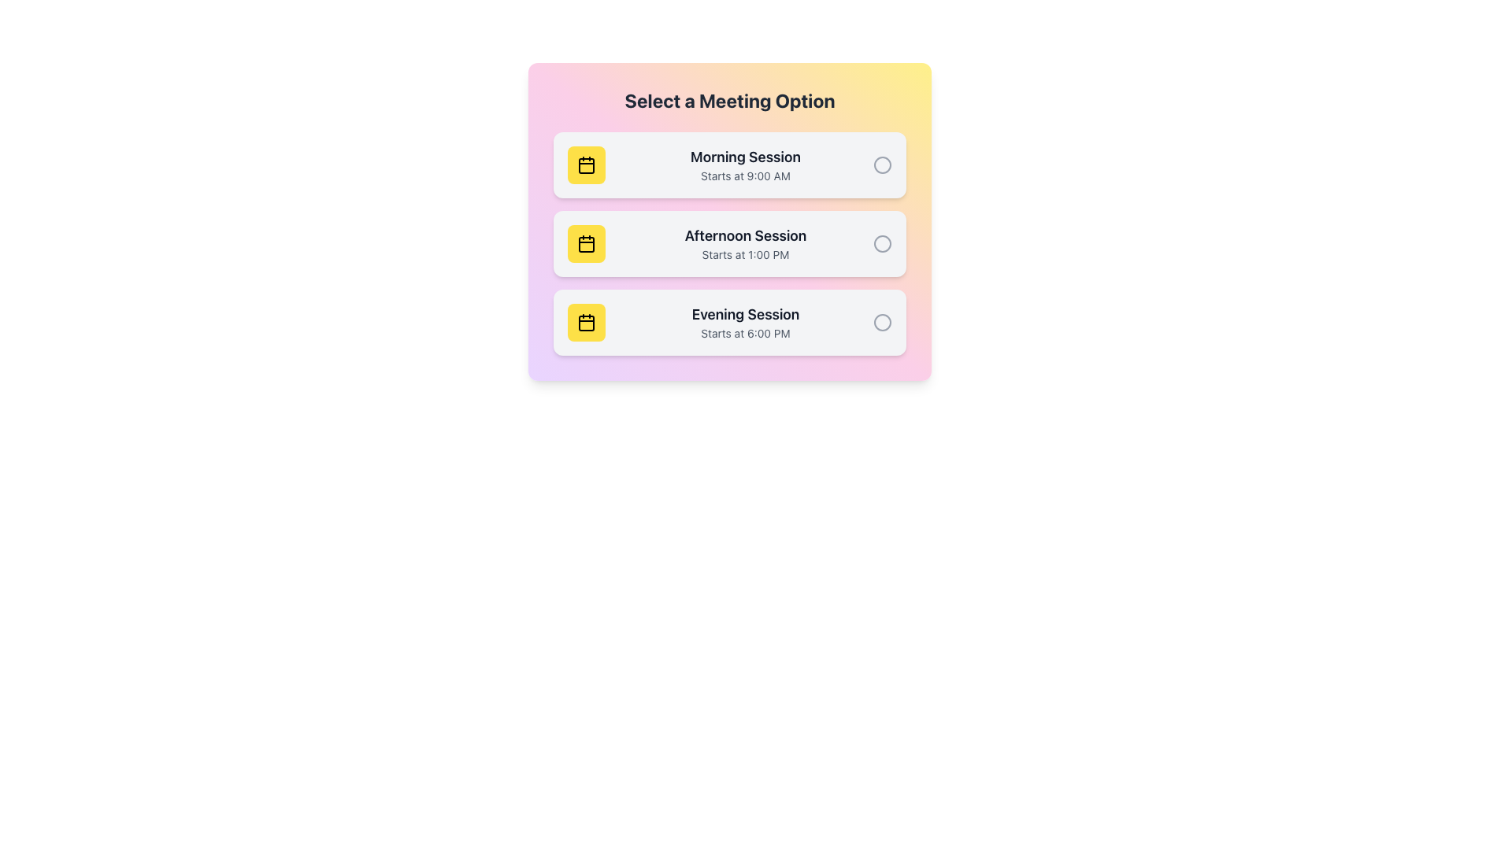  I want to click on text content of the text label that says 'Starts at 1:00 PM', which is located under the header 'Afternoon Session' in the second option block of the vertical list titled 'Select a Meeting Option', so click(744, 254).